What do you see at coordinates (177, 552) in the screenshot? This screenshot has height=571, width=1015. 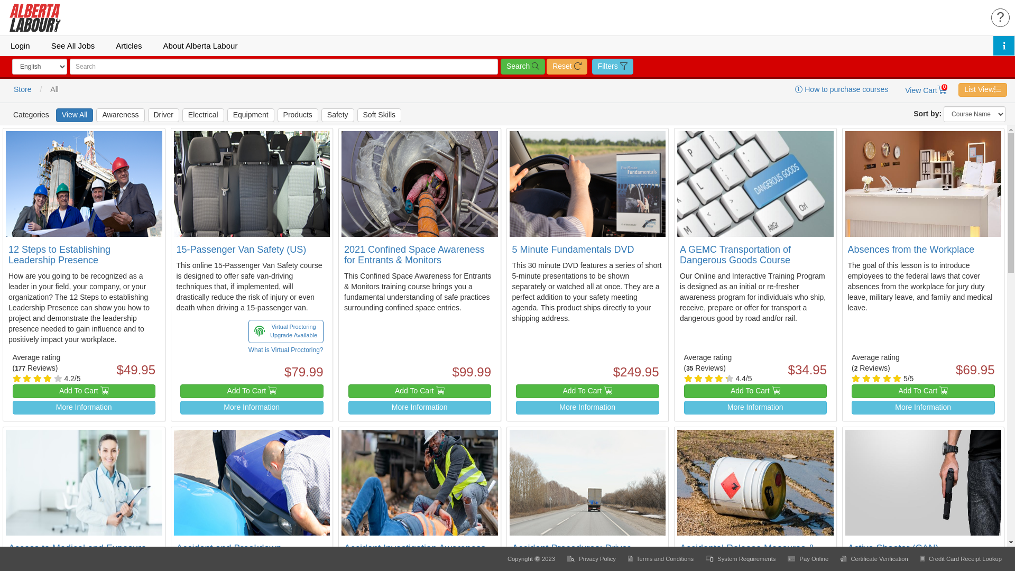 I see `'Accident and Breakdown Procedures (US)'` at bounding box center [177, 552].